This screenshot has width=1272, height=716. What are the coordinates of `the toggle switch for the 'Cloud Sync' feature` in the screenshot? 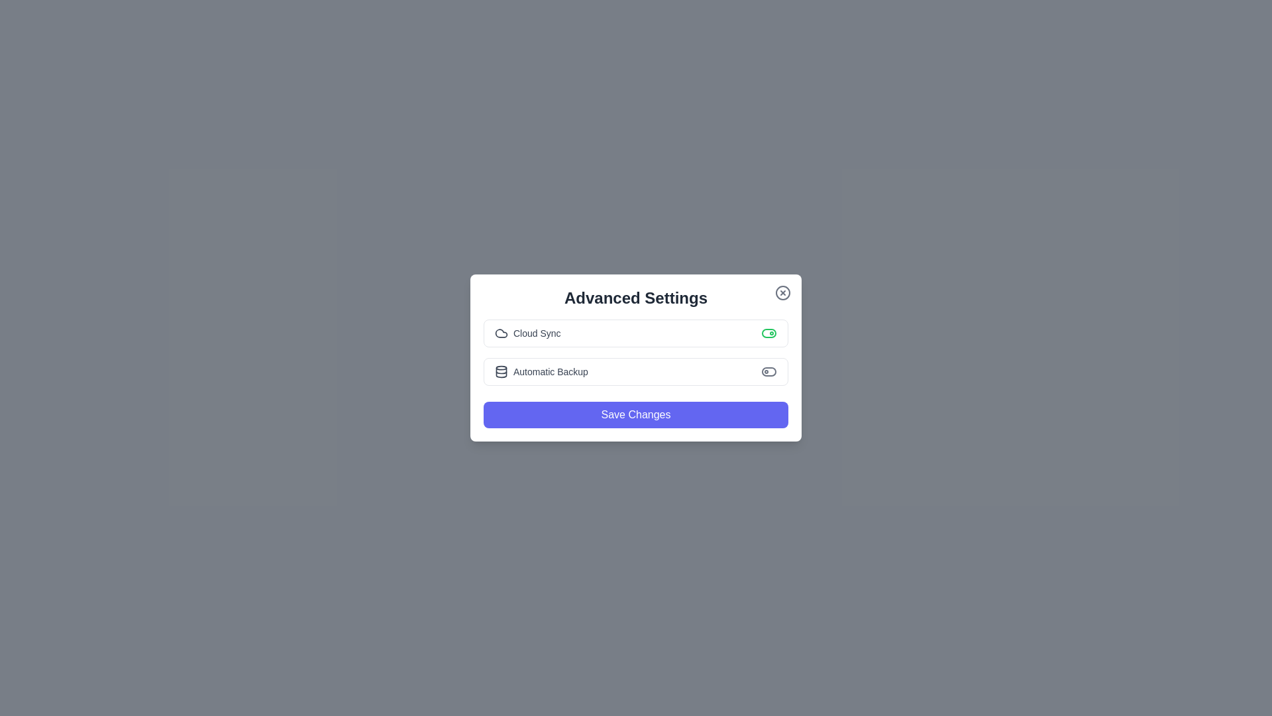 It's located at (769, 332).